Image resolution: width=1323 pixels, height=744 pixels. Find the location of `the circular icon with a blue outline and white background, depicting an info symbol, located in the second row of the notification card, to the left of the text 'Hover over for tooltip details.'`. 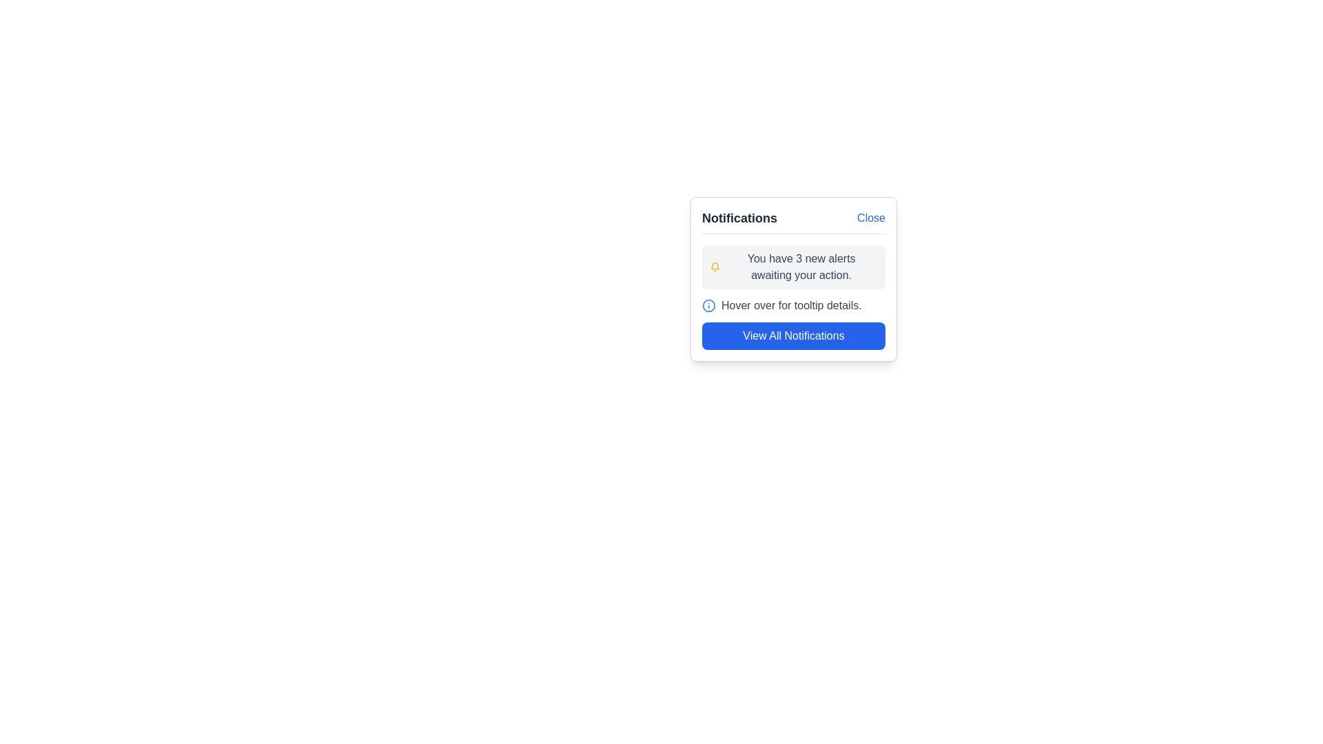

the circular icon with a blue outline and white background, depicting an info symbol, located in the second row of the notification card, to the left of the text 'Hover over for tooltip details.' is located at coordinates (708, 304).